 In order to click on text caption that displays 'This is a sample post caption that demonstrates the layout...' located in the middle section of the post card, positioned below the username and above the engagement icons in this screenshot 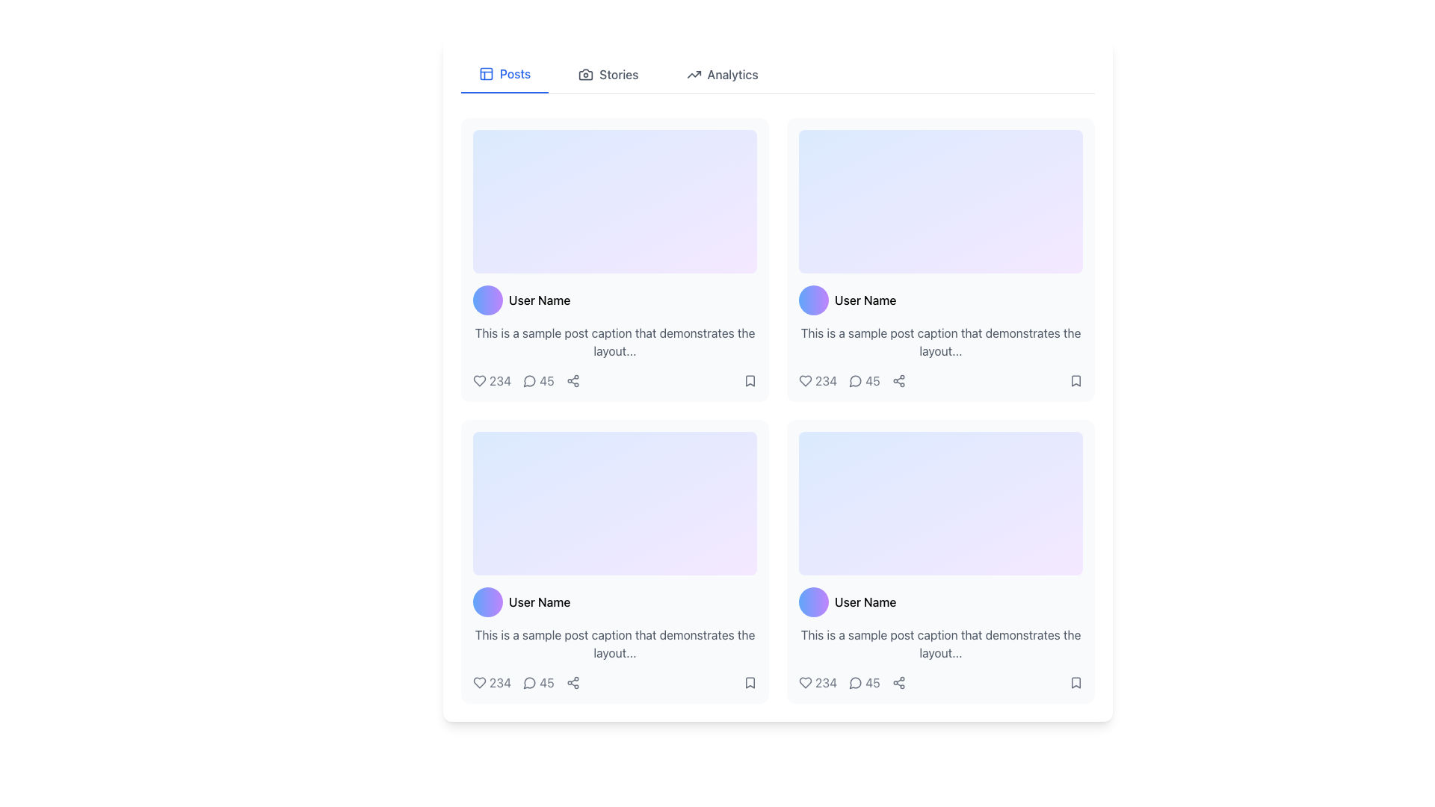, I will do `click(614, 342)`.